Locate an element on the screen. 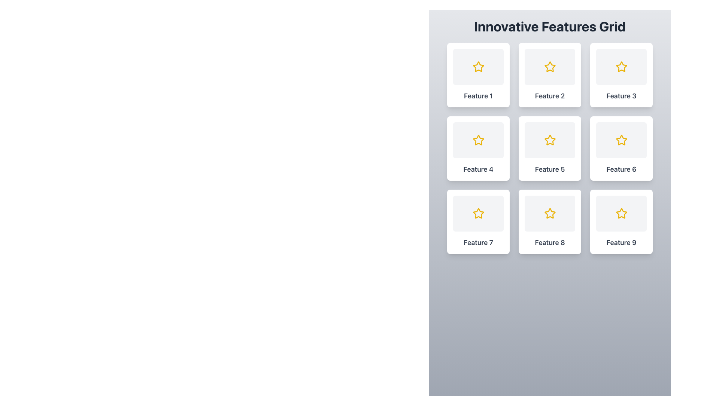 The width and height of the screenshot is (719, 404). the interactive star icon located on the top-left card labeled 'Feature 1' within the grid of nine cards is located at coordinates (478, 66).